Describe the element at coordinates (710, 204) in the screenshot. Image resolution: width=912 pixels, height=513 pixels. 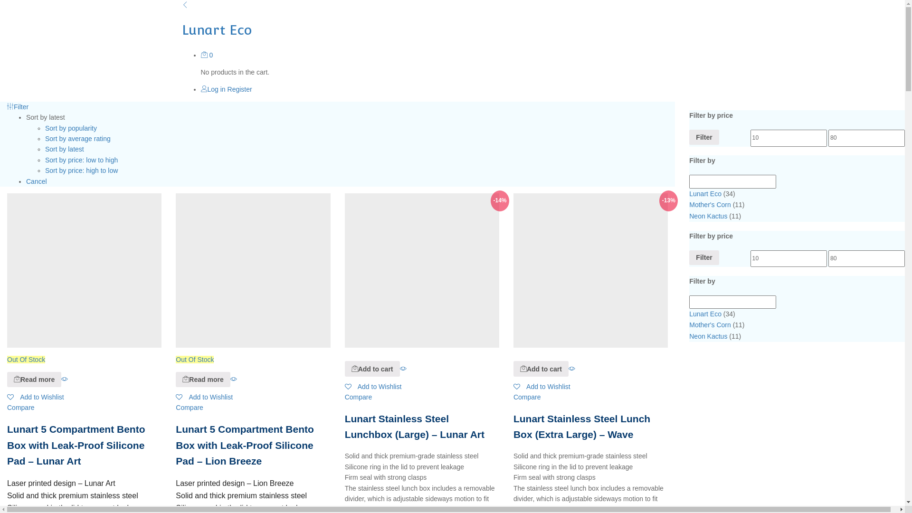
I see `'Mother's Corn'` at that location.